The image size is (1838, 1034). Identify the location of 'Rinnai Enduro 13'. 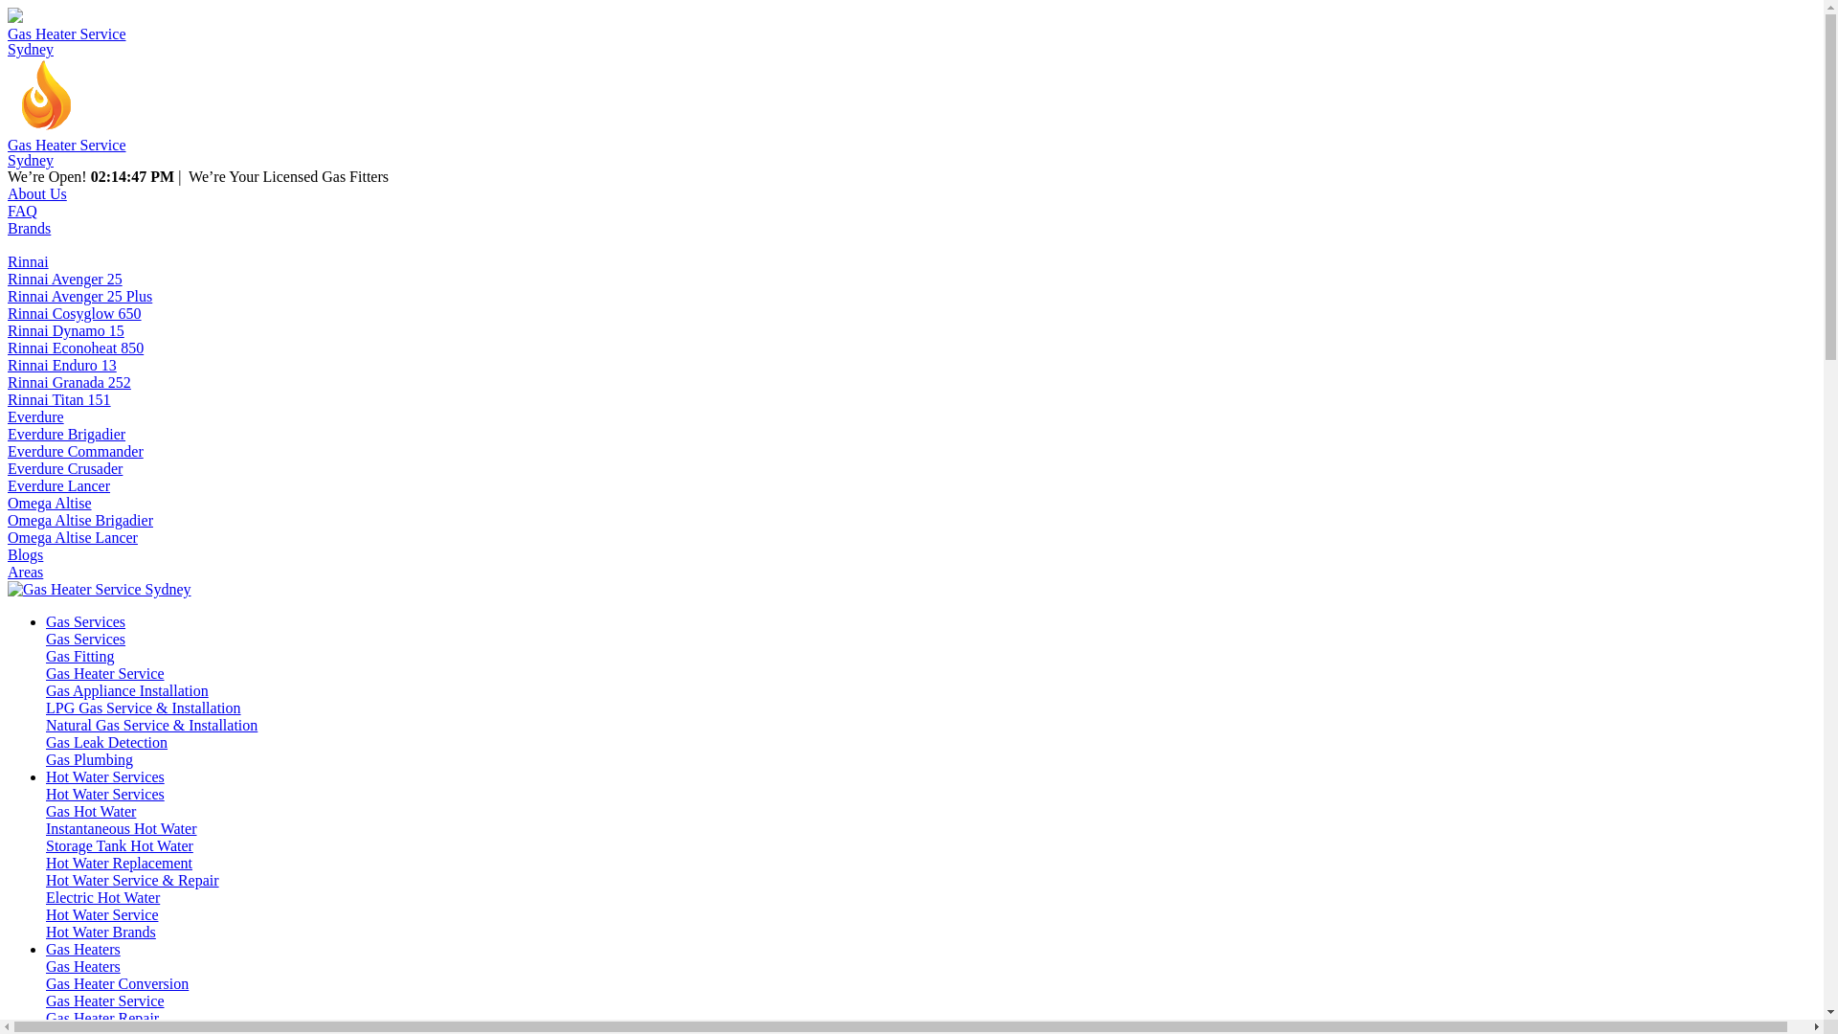
(62, 365).